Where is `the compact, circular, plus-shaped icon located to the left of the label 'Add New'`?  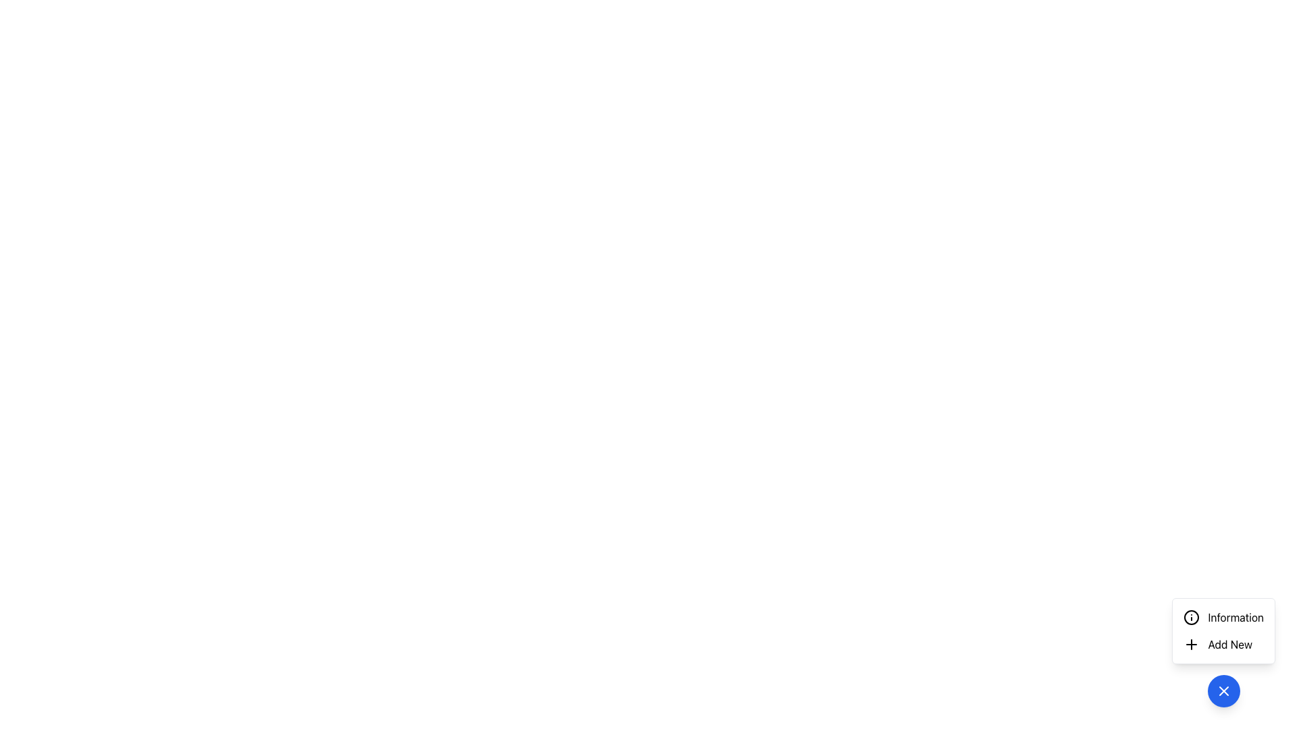 the compact, circular, plus-shaped icon located to the left of the label 'Add New' is located at coordinates (1192, 644).